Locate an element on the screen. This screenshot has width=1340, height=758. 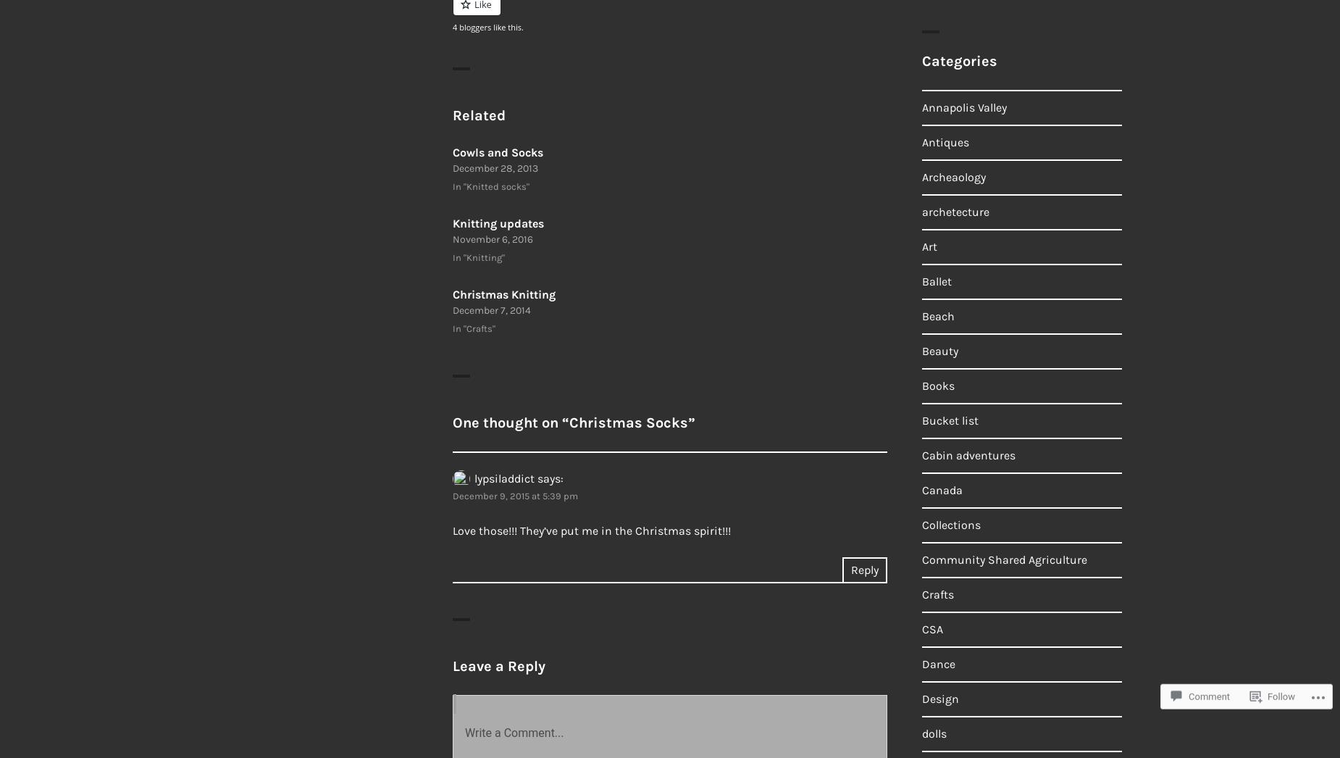
'says:' is located at coordinates (550, 478).